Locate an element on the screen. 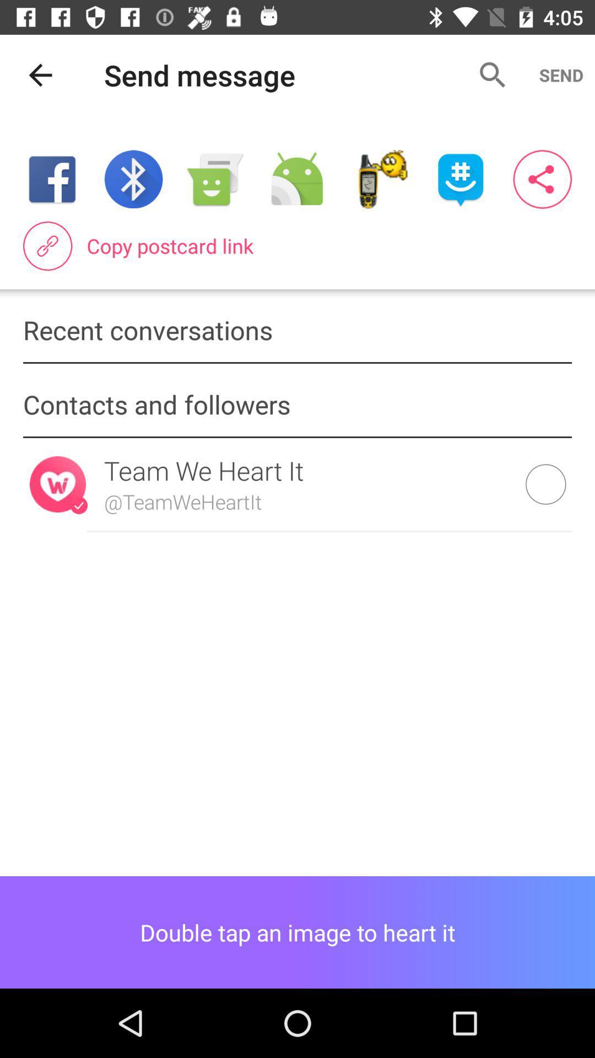 This screenshot has width=595, height=1058. the icon above copy postcard link icon is located at coordinates (133, 179).